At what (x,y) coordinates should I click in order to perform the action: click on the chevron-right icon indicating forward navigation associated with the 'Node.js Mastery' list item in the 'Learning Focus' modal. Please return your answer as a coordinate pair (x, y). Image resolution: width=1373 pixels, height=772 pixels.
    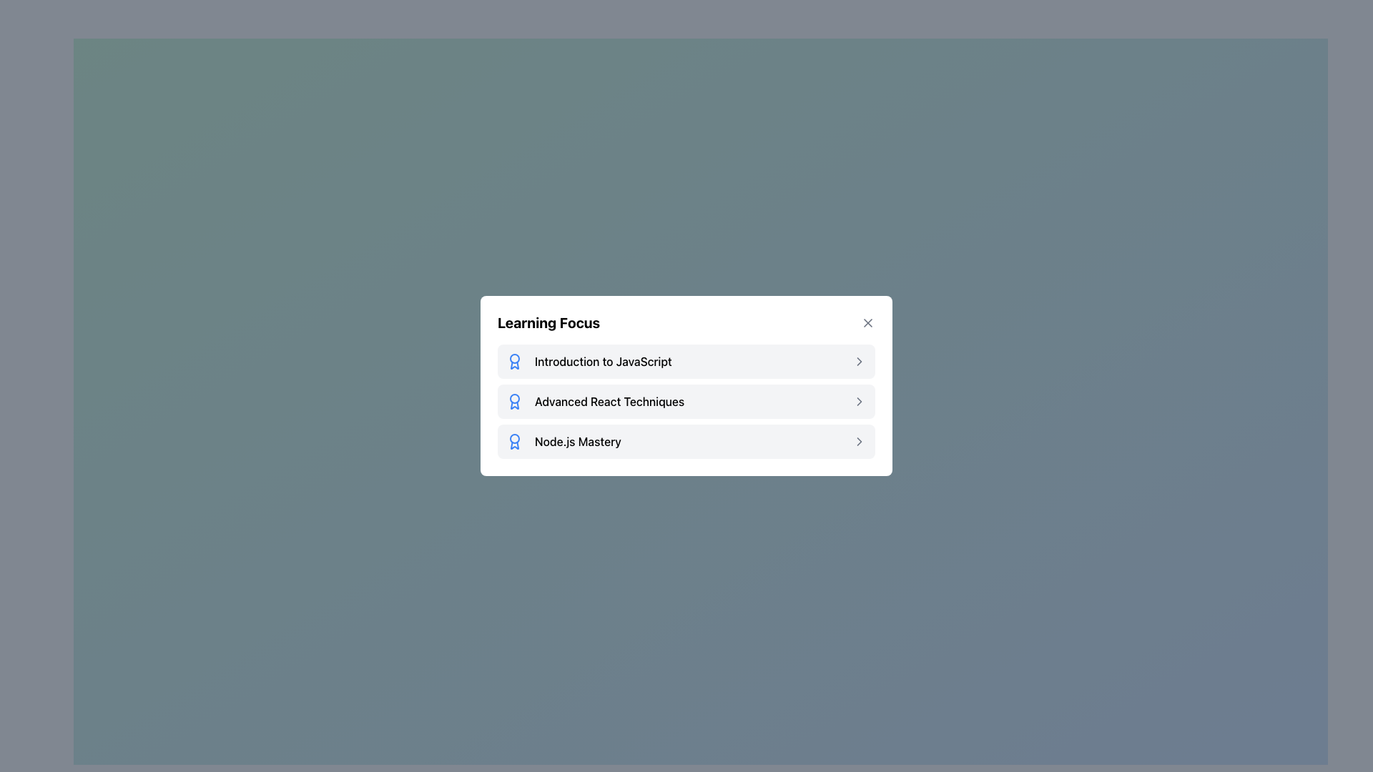
    Looking at the image, I should click on (858, 440).